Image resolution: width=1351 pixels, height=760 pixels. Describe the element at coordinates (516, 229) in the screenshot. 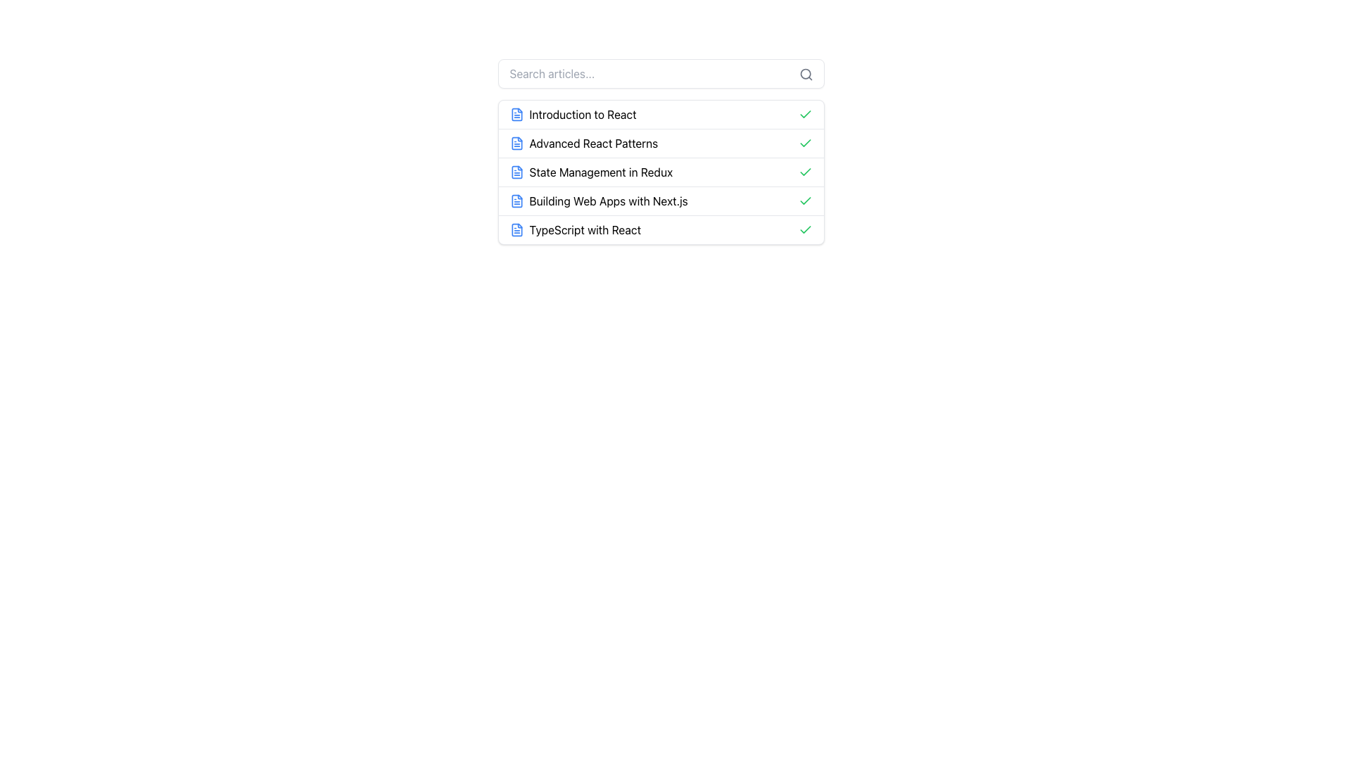

I see `the file icon representing 'TypeScript with React'` at that location.